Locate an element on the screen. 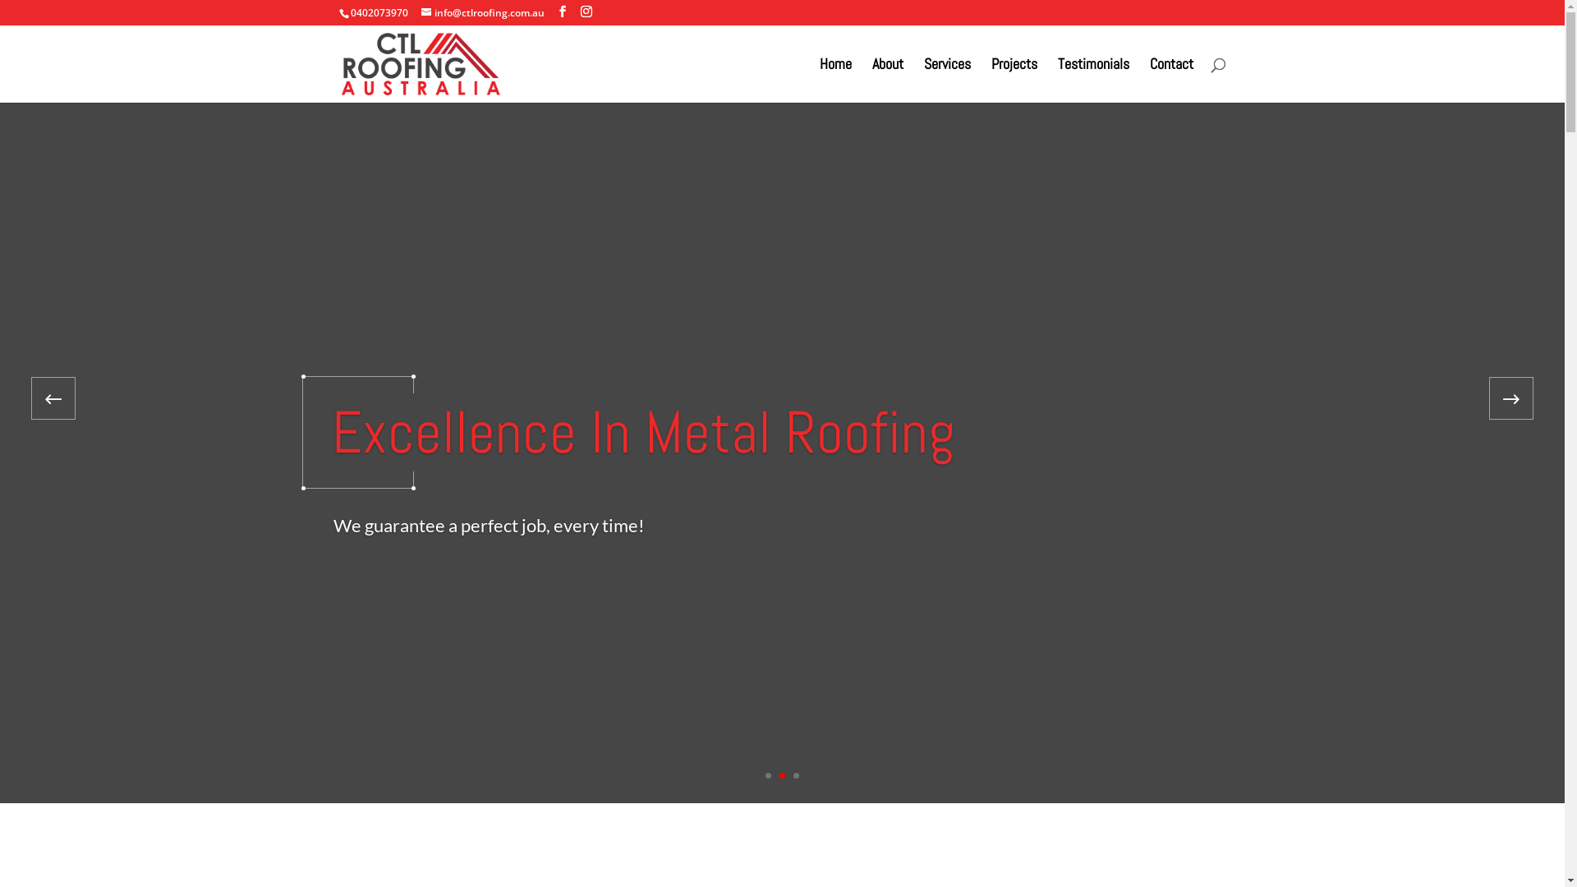  'Home' is located at coordinates (835, 80).